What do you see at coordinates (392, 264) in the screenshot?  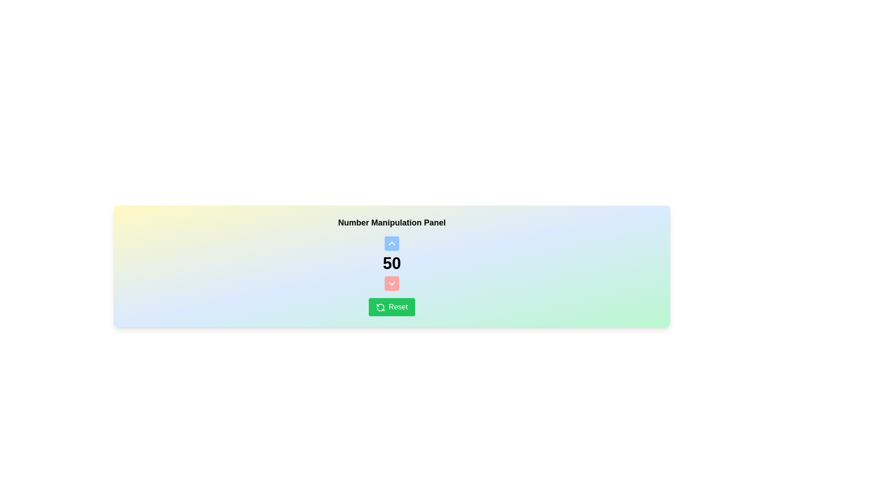 I see `the numerical display panel with increment and decrement controls, which features a bold black number '50' and is framed by an upward-pointing blue arrow and a downward-pointing red arrow` at bounding box center [392, 264].